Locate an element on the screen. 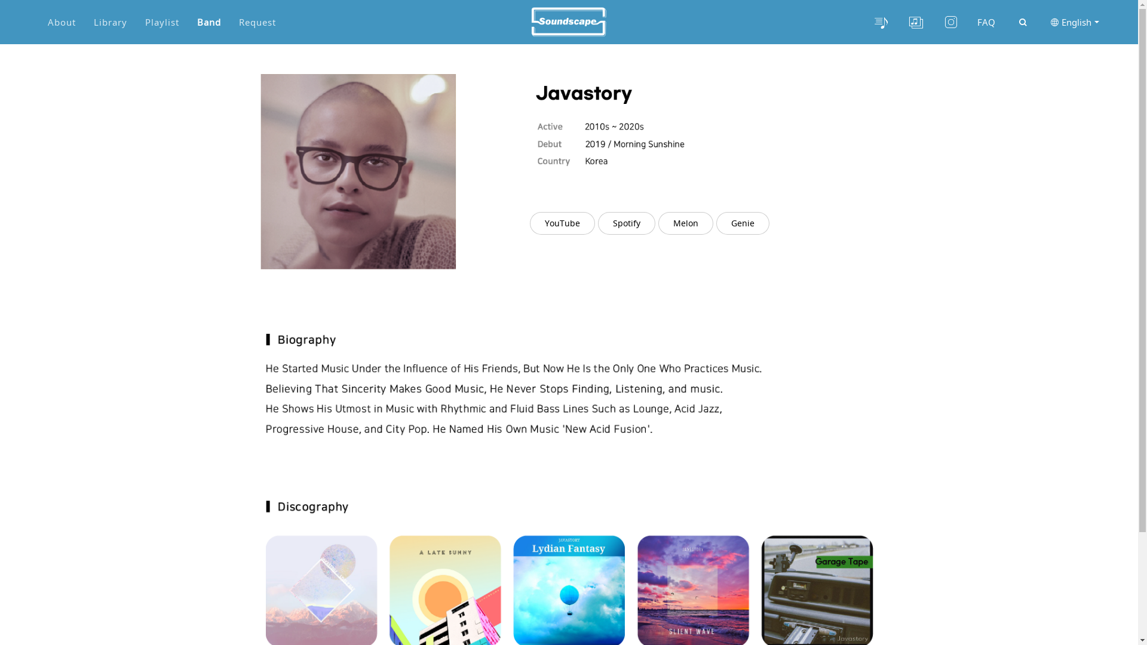  'Site logo' is located at coordinates (568, 21).